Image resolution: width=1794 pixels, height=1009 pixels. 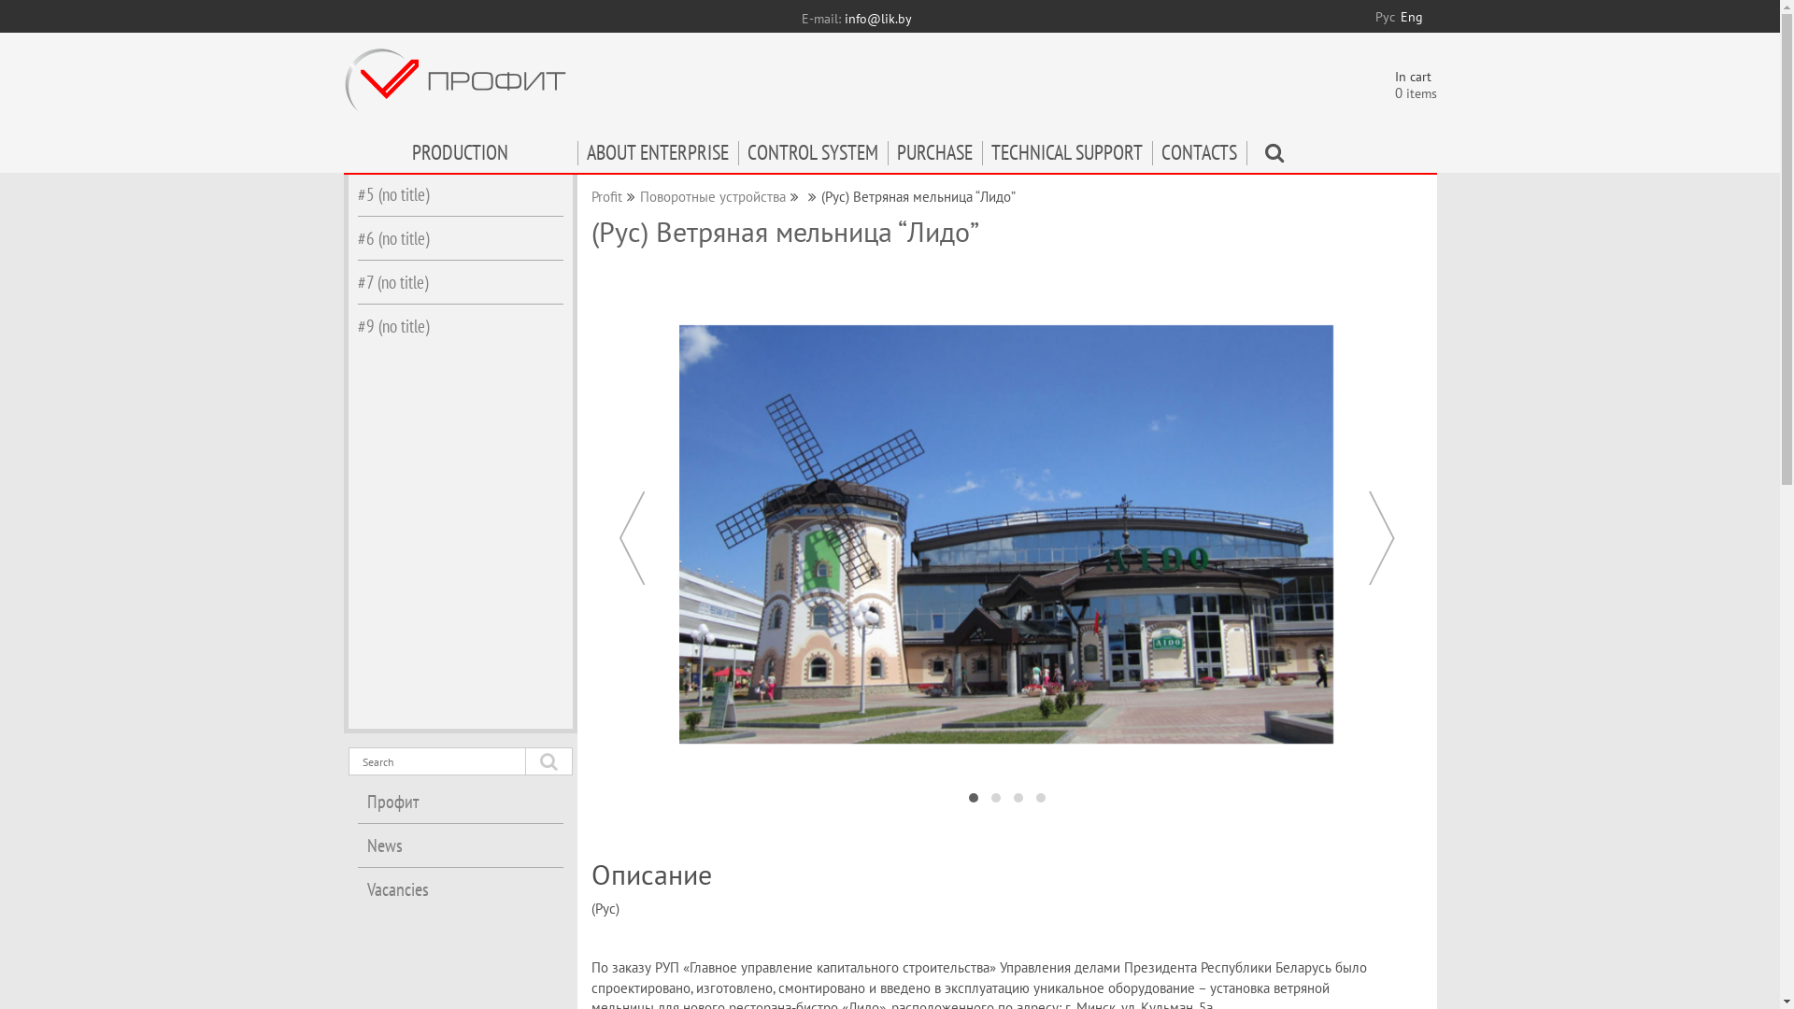 What do you see at coordinates (461, 156) in the screenshot?
I see `'PRODUCTION'` at bounding box center [461, 156].